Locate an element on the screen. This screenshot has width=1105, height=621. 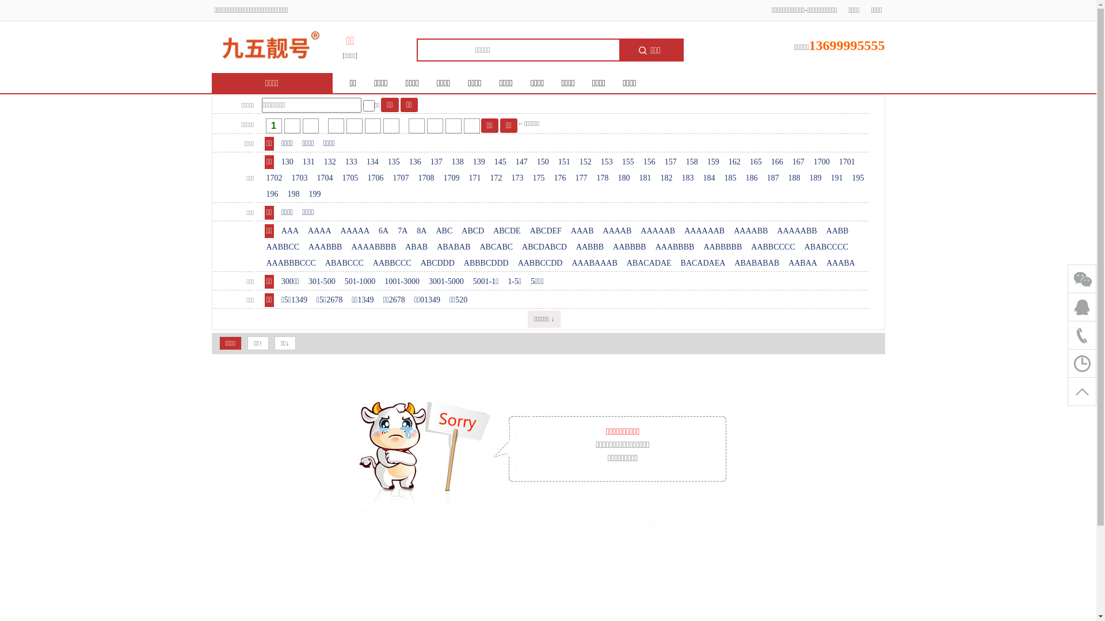
'AAAABBBB' is located at coordinates (348, 246).